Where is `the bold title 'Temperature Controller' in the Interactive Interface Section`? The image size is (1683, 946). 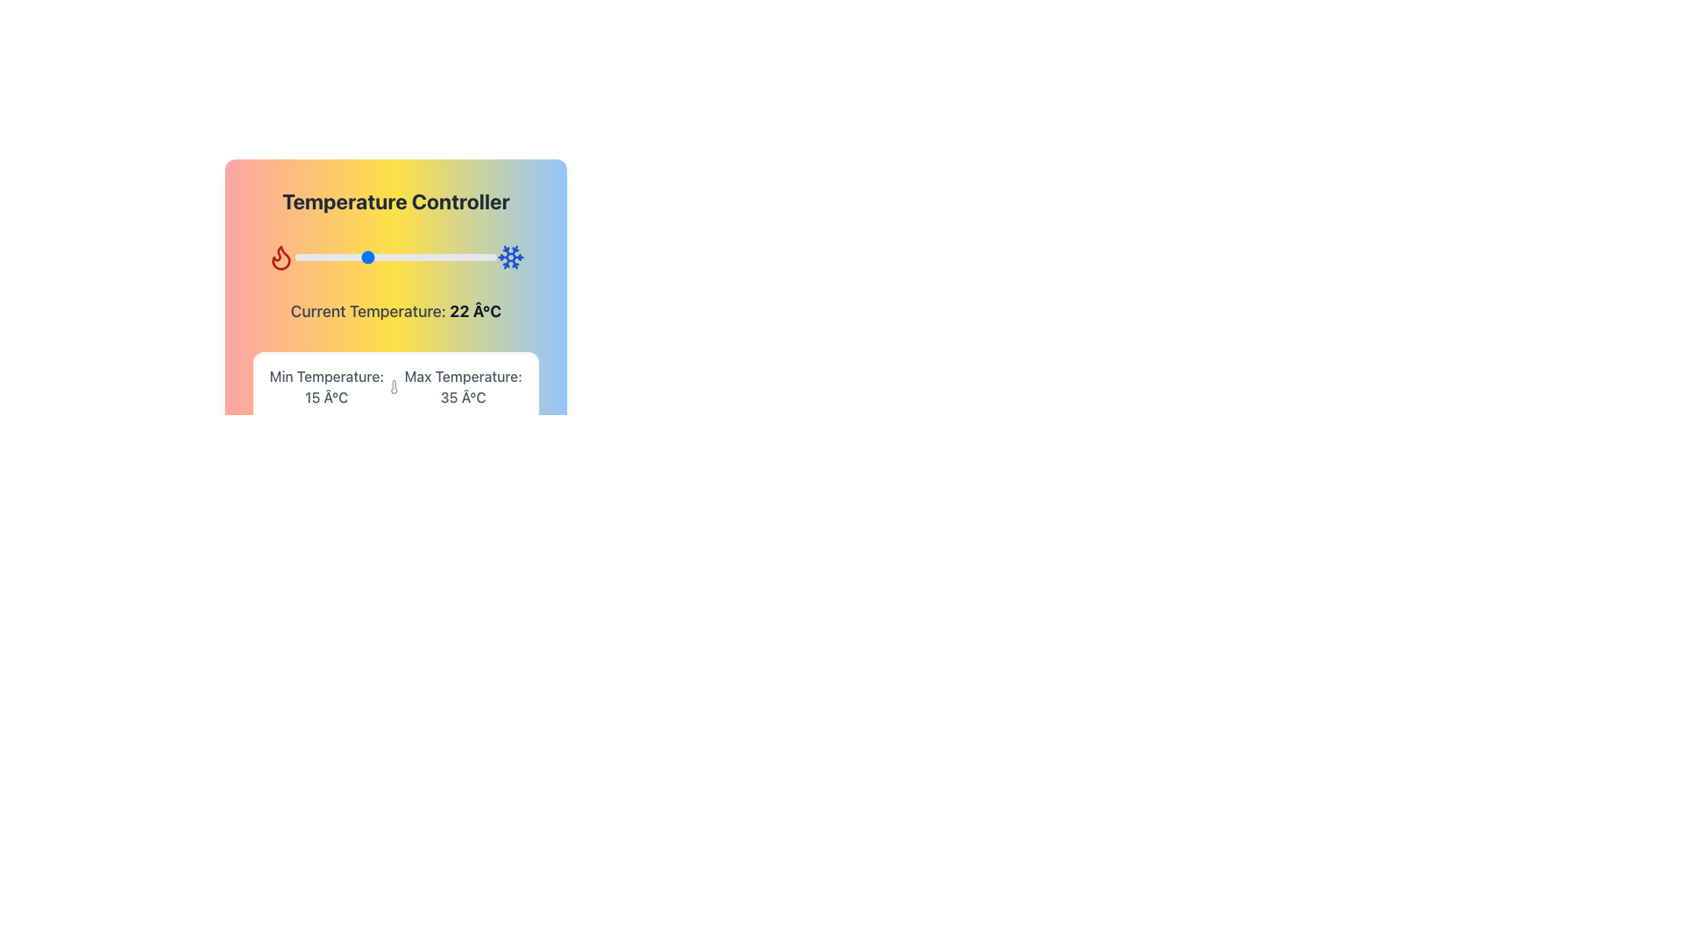 the bold title 'Temperature Controller' in the Interactive Interface Section is located at coordinates (394, 303).